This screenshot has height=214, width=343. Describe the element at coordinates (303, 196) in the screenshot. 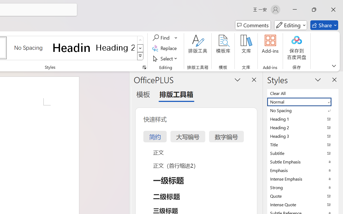

I see `'Quote'` at that location.